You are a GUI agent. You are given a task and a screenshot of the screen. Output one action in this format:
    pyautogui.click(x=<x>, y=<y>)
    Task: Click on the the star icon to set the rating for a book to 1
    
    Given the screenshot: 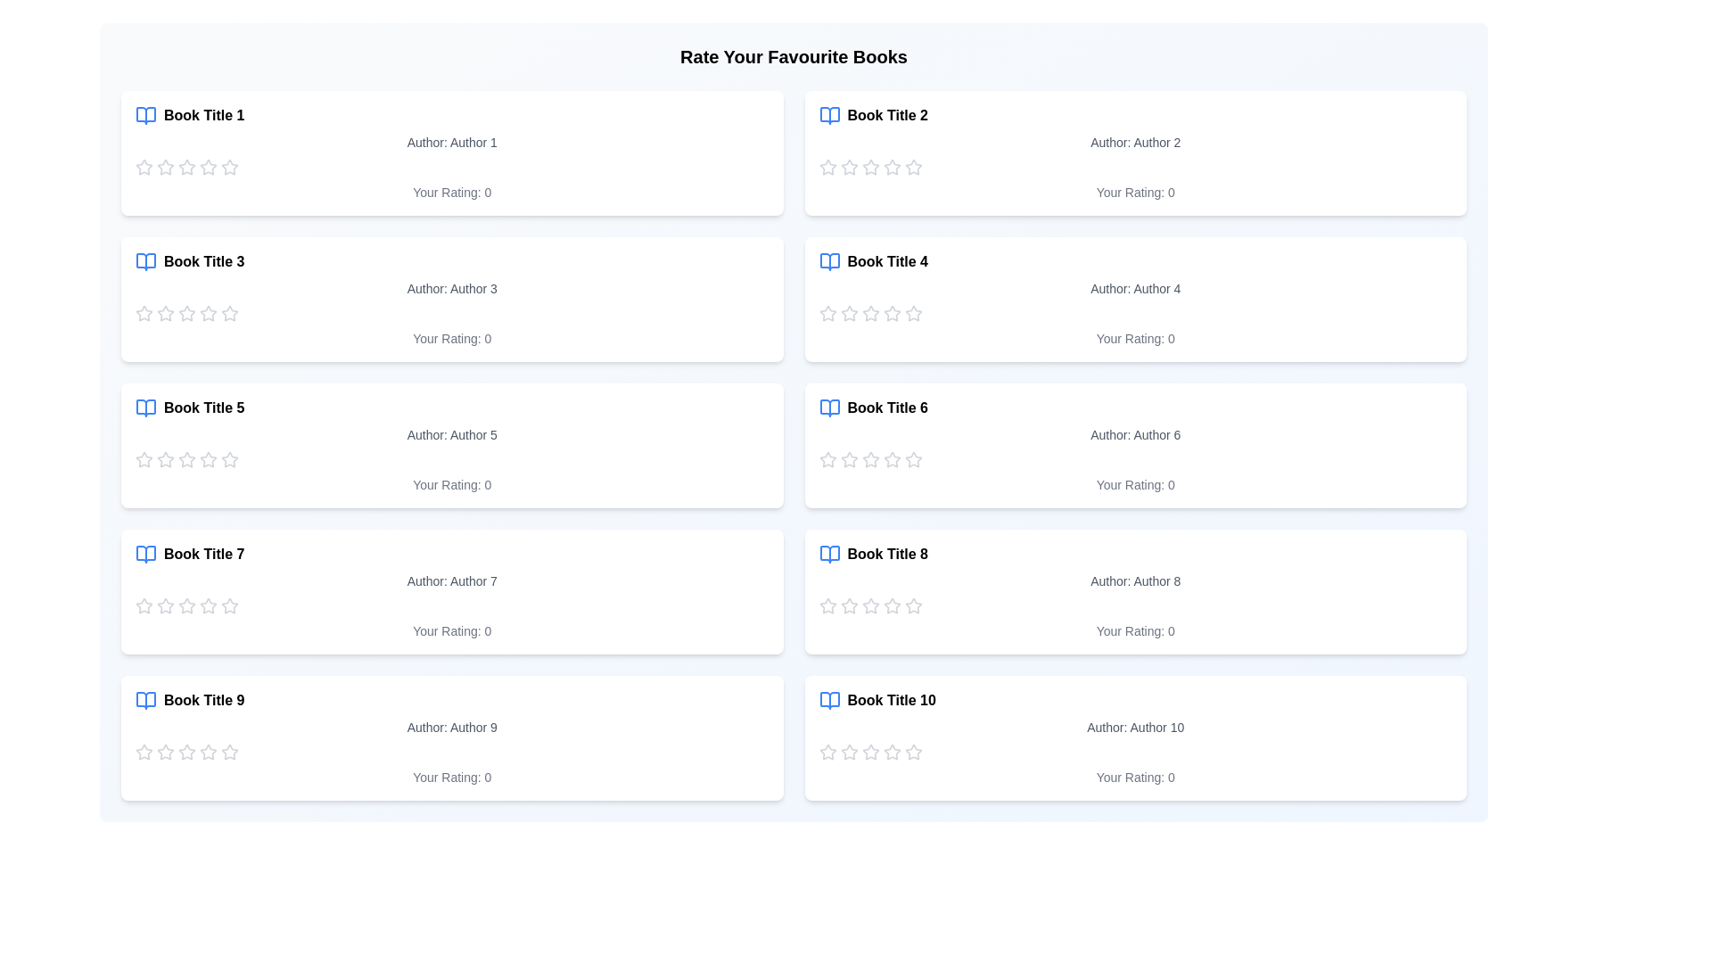 What is the action you would take?
    pyautogui.click(x=144, y=168)
    